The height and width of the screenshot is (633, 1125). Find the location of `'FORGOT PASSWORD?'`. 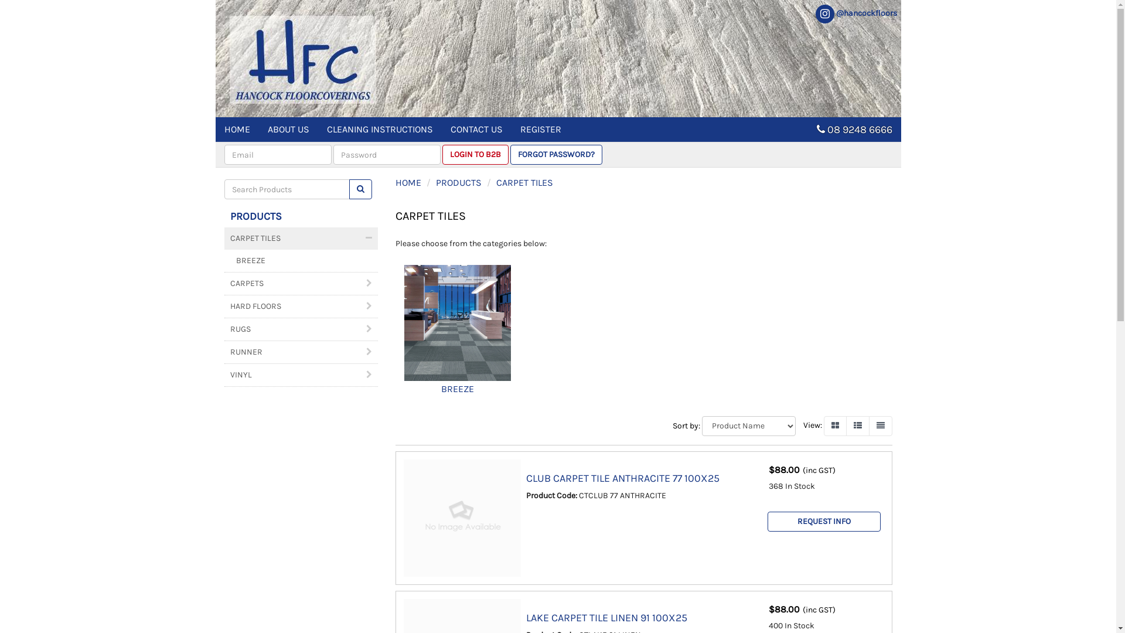

'FORGOT PASSWORD?' is located at coordinates (509, 154).